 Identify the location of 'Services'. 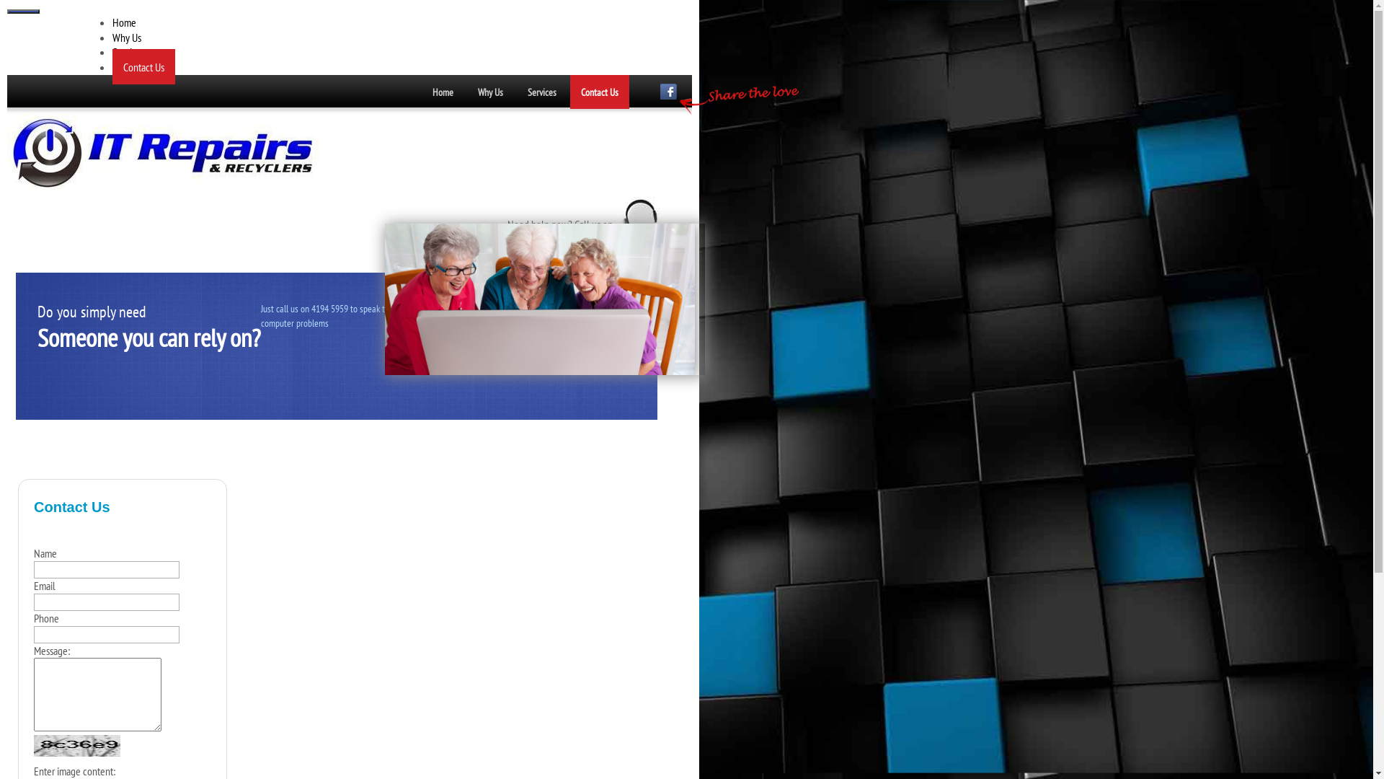
(112, 51).